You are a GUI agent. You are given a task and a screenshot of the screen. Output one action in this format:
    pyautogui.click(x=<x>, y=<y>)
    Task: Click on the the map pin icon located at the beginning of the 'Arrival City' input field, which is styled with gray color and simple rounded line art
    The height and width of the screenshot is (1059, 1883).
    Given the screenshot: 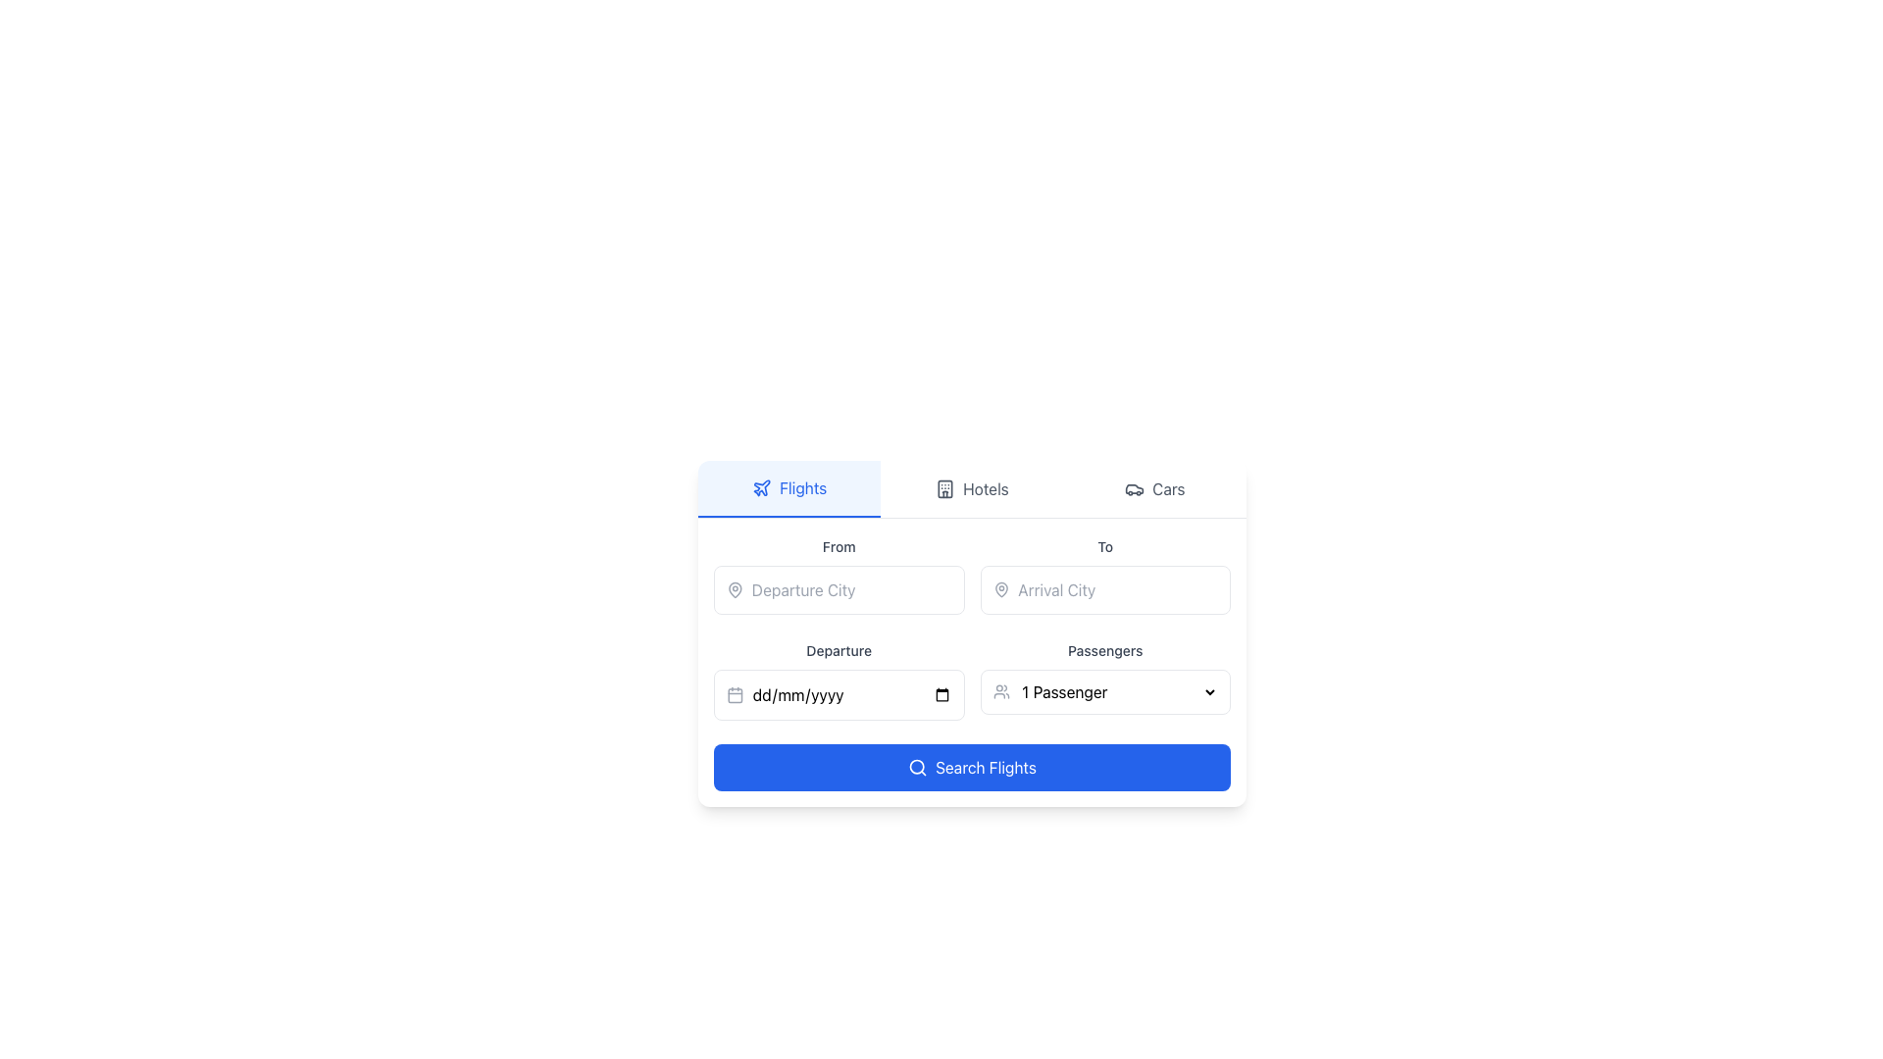 What is the action you would take?
    pyautogui.click(x=1001, y=588)
    